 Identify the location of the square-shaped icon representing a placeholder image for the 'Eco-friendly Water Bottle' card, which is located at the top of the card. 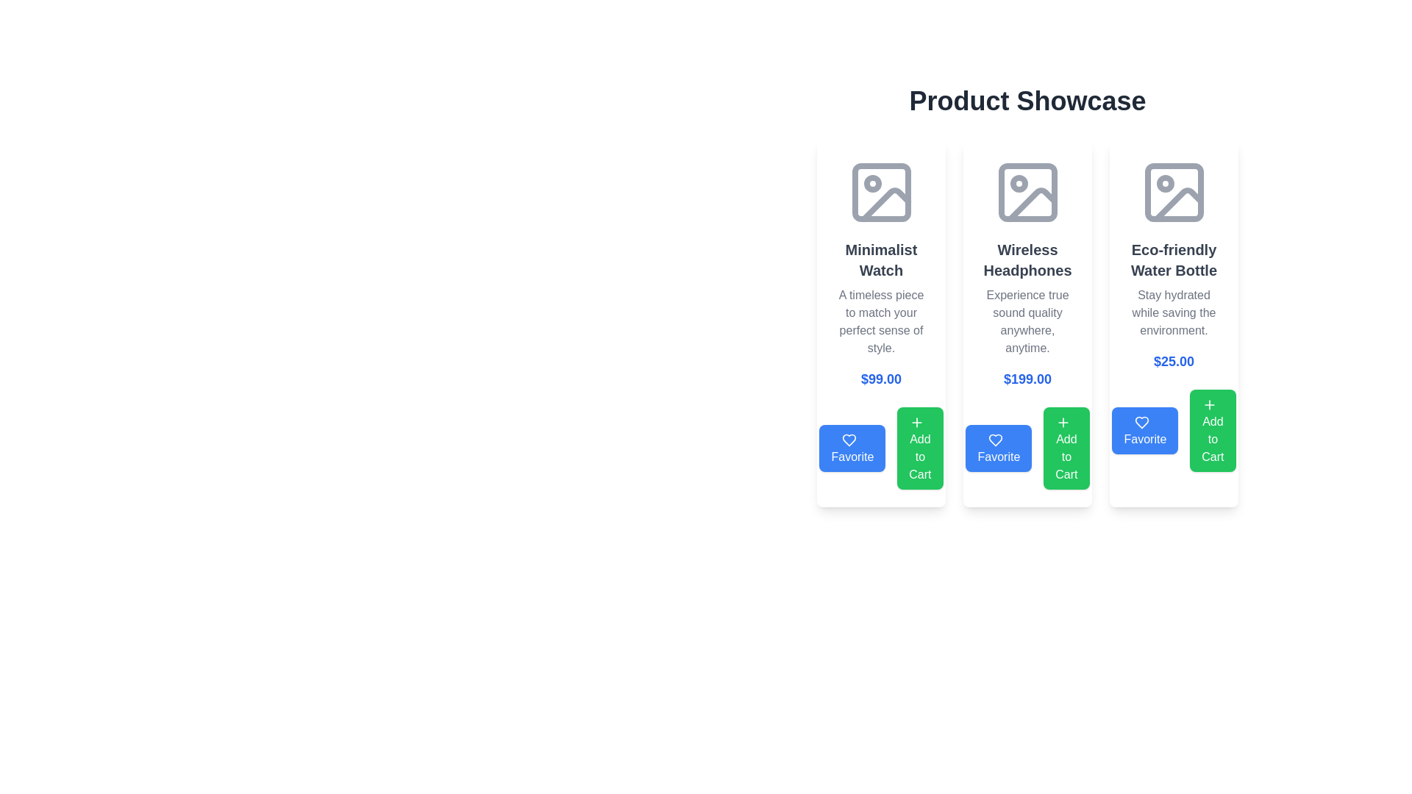
(1173, 192).